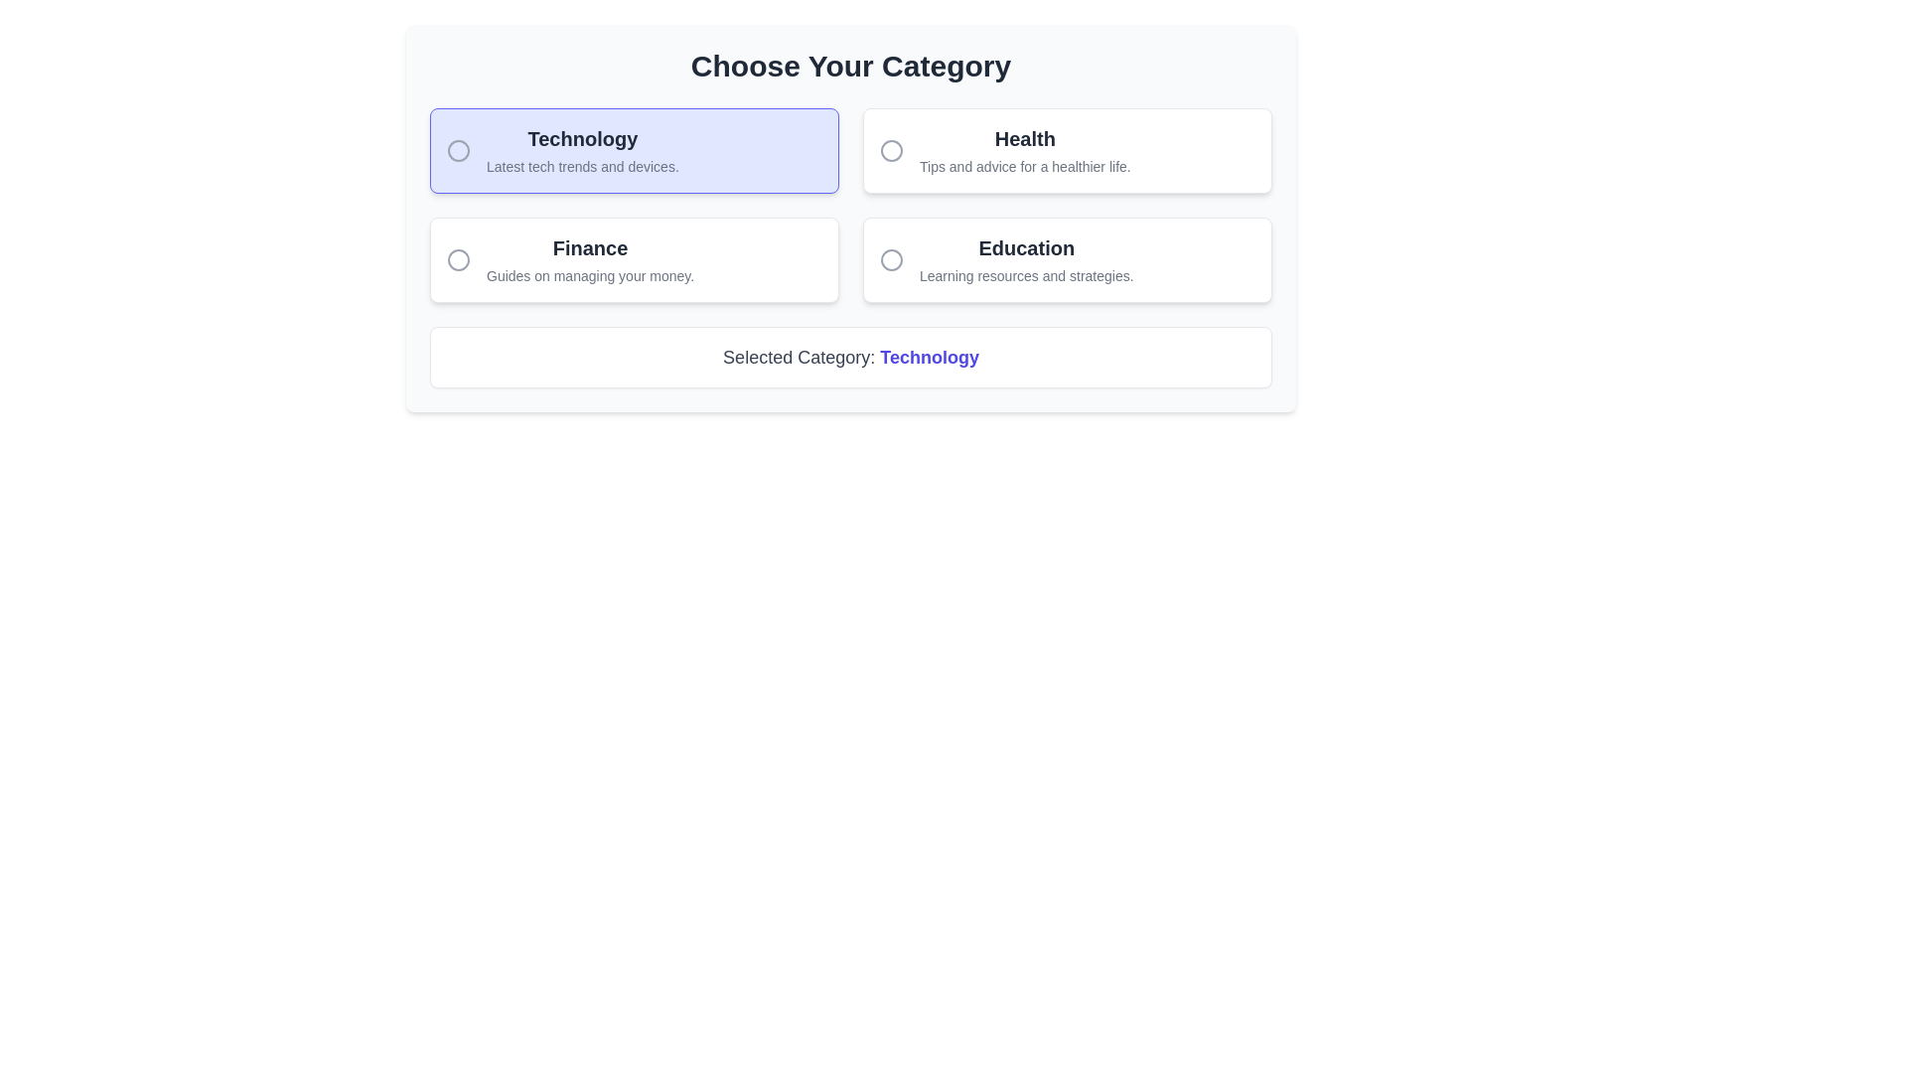 The height and width of the screenshot is (1073, 1907). What do you see at coordinates (457, 149) in the screenshot?
I see `the central SVG circle within the 'Technology' category icon, which serves as a visual representation for selection` at bounding box center [457, 149].